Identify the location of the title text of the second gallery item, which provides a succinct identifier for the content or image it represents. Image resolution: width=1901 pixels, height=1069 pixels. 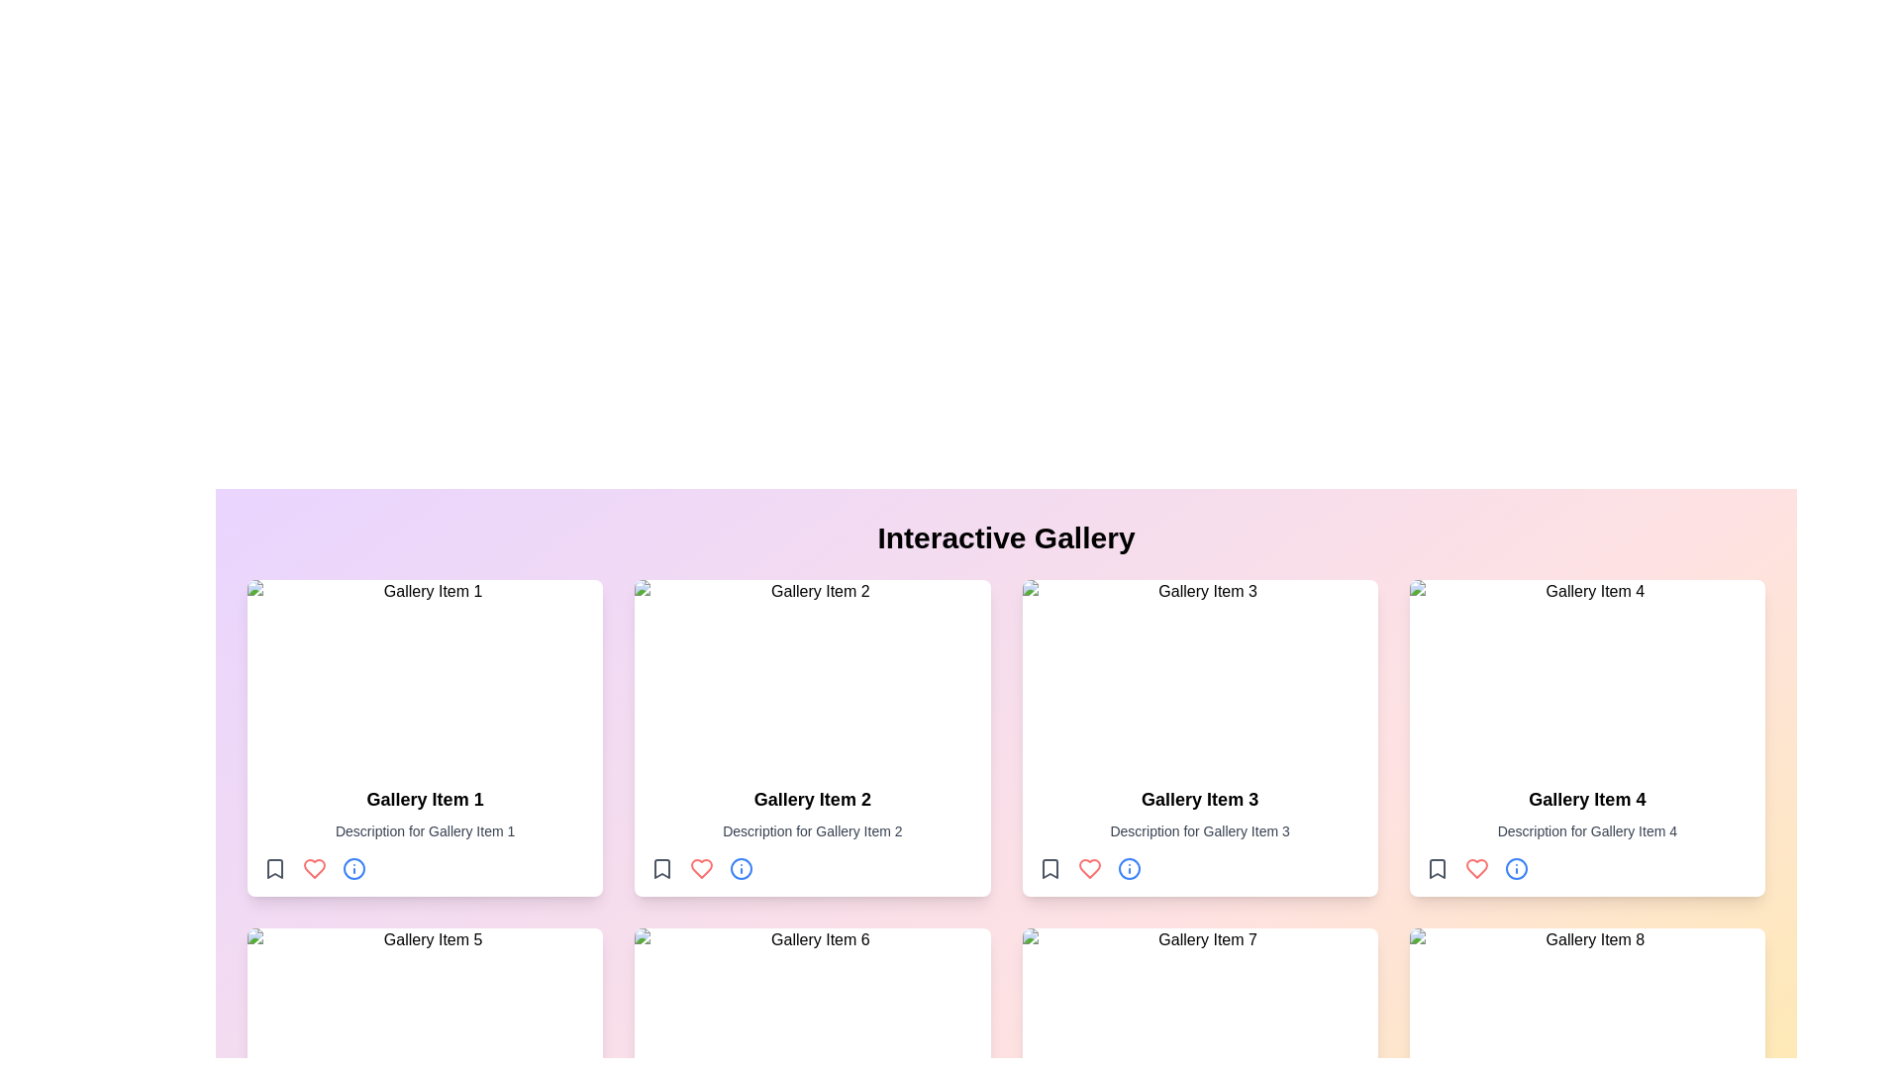
(812, 798).